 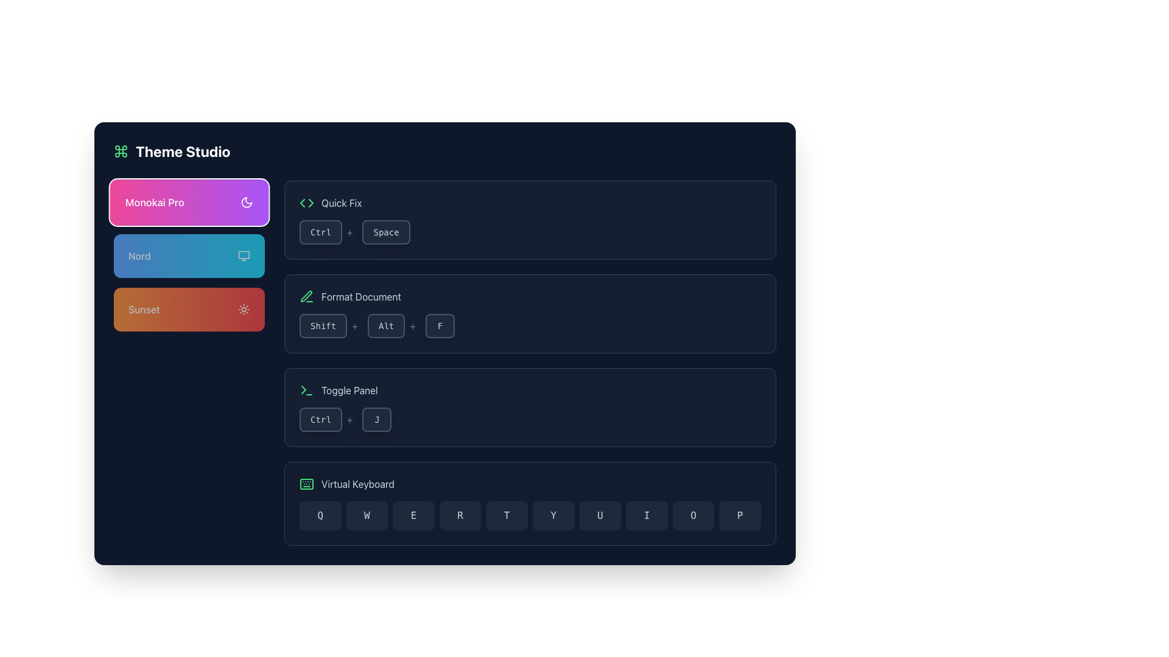 What do you see at coordinates (244, 255) in the screenshot?
I see `the 'Nord' theme icon, which represents a monitor` at bounding box center [244, 255].